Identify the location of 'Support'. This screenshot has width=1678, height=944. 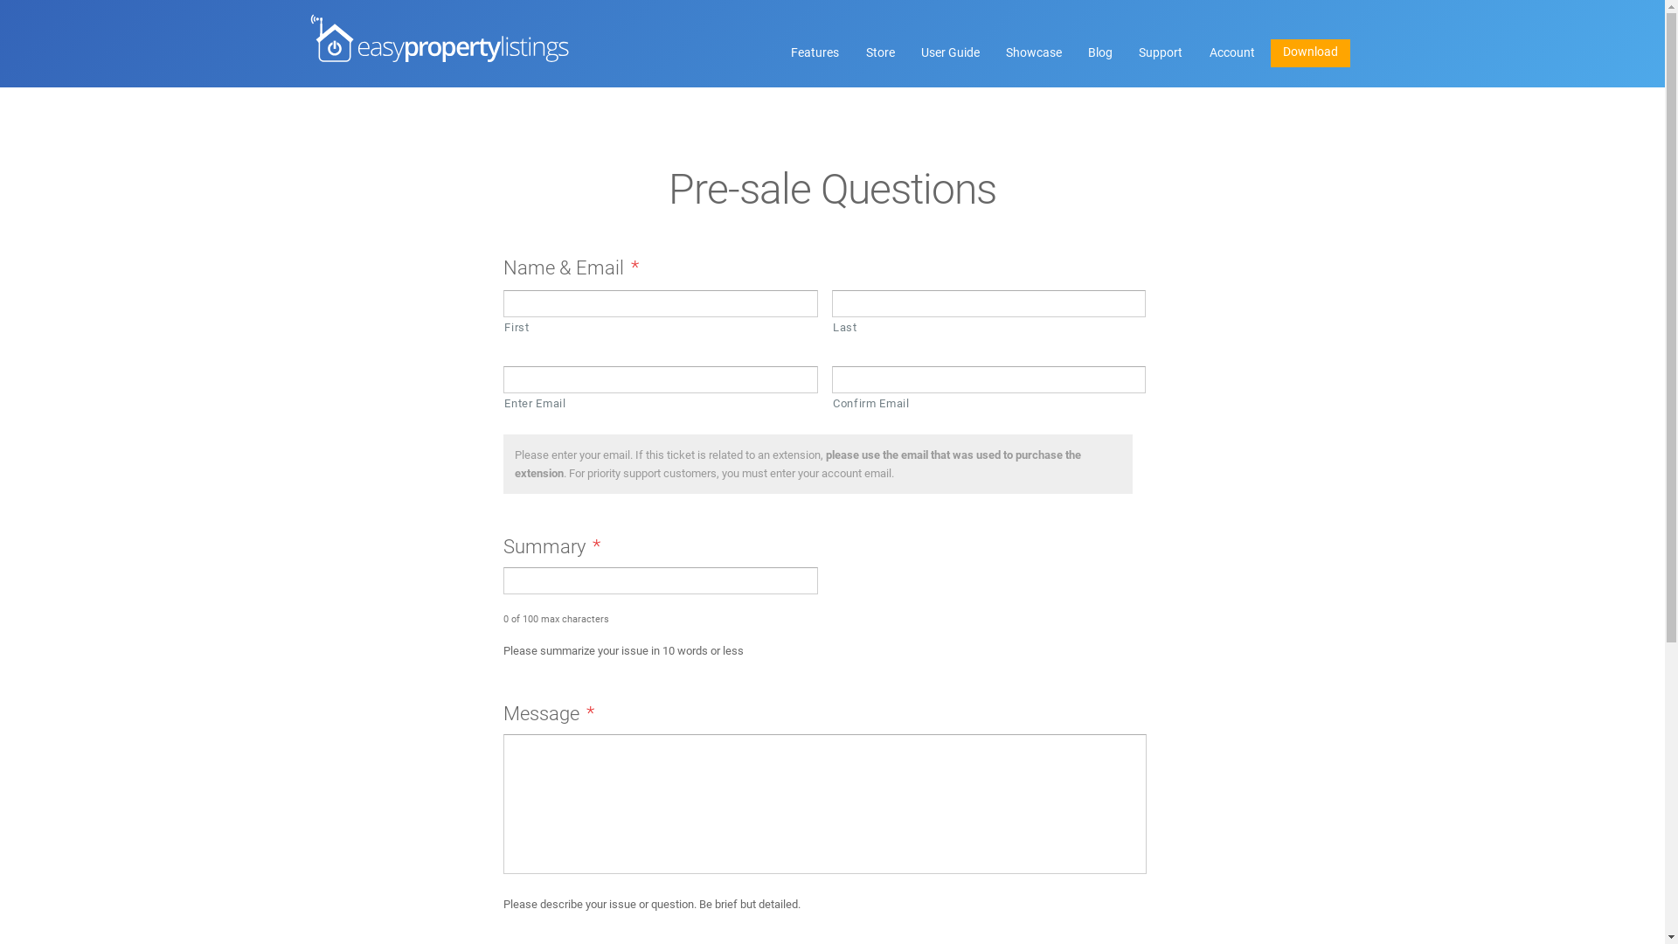
(1161, 52).